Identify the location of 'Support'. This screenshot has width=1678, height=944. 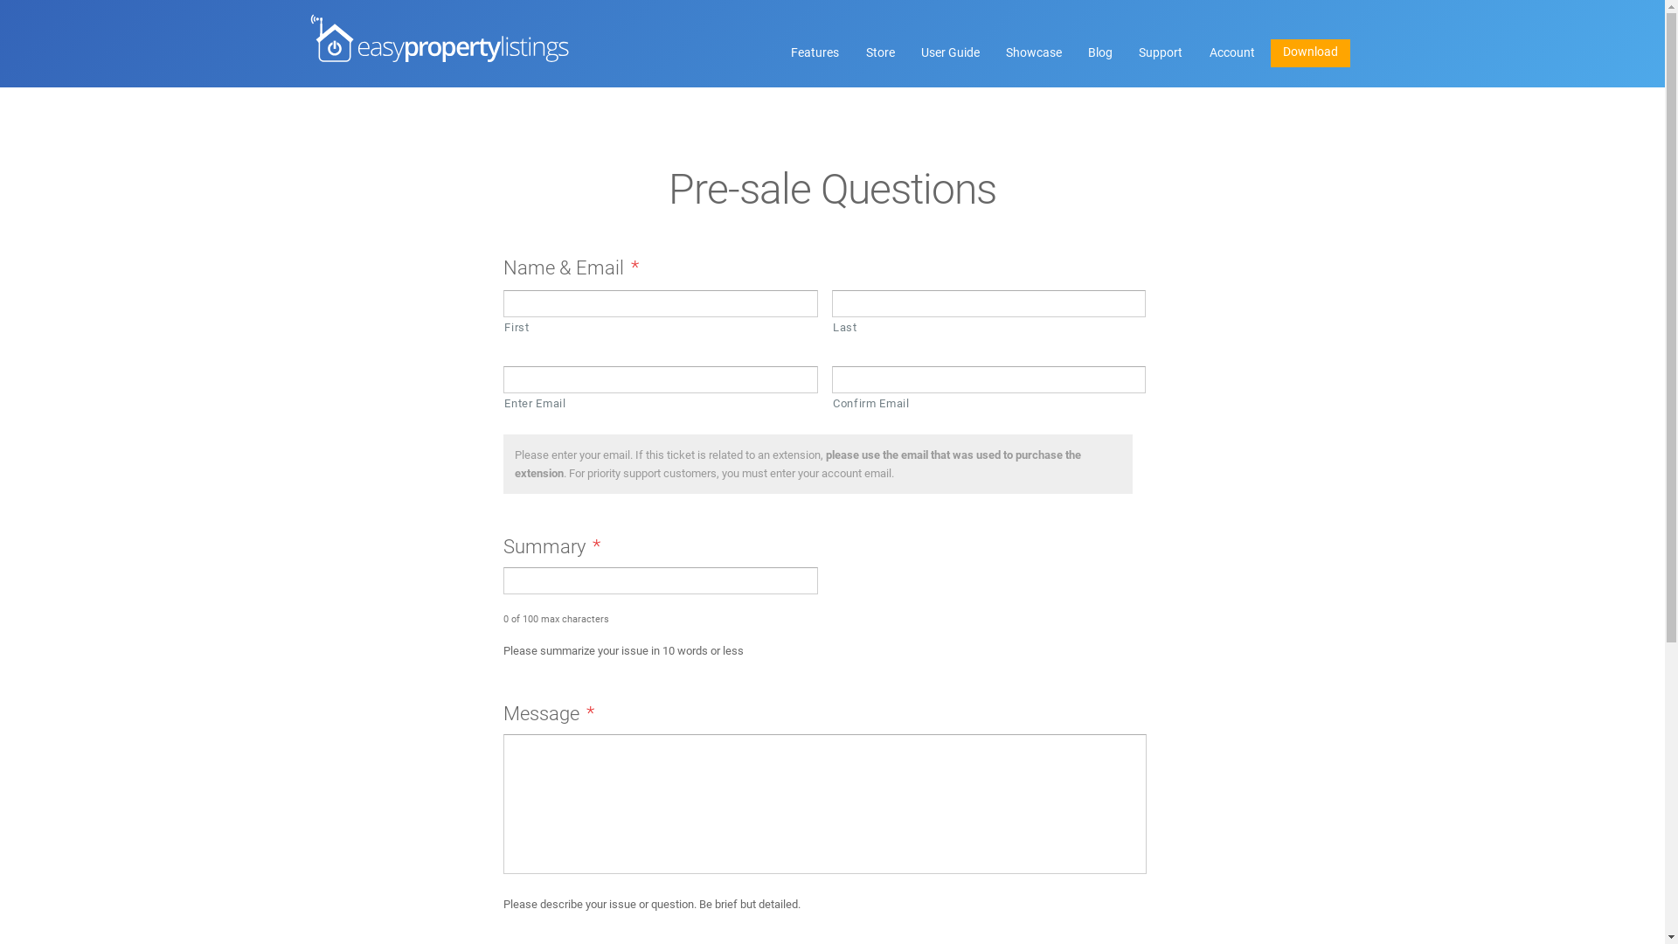
(1161, 52).